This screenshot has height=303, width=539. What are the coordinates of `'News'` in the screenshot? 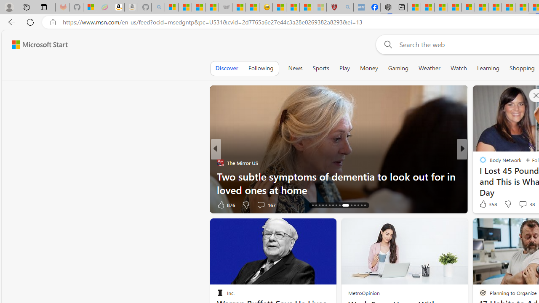 It's located at (295, 68).